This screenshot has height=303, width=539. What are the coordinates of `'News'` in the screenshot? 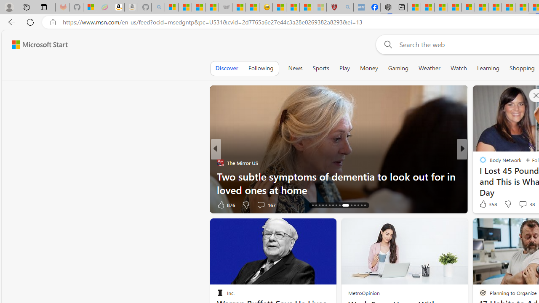 It's located at (295, 68).